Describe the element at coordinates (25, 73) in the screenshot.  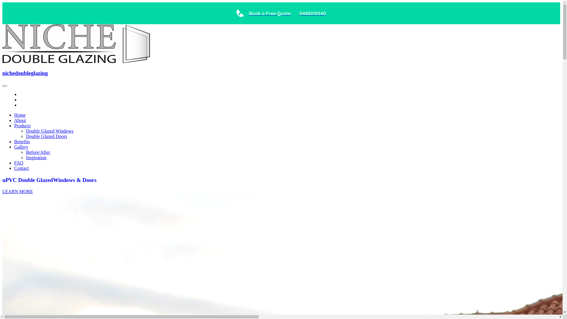
I see `'nichedoubleglazing'` at that location.